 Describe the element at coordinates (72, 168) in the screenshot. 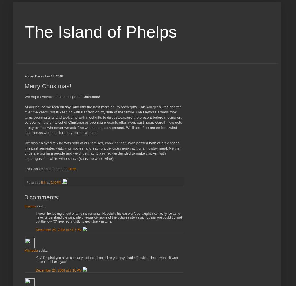

I see `'here'` at that location.